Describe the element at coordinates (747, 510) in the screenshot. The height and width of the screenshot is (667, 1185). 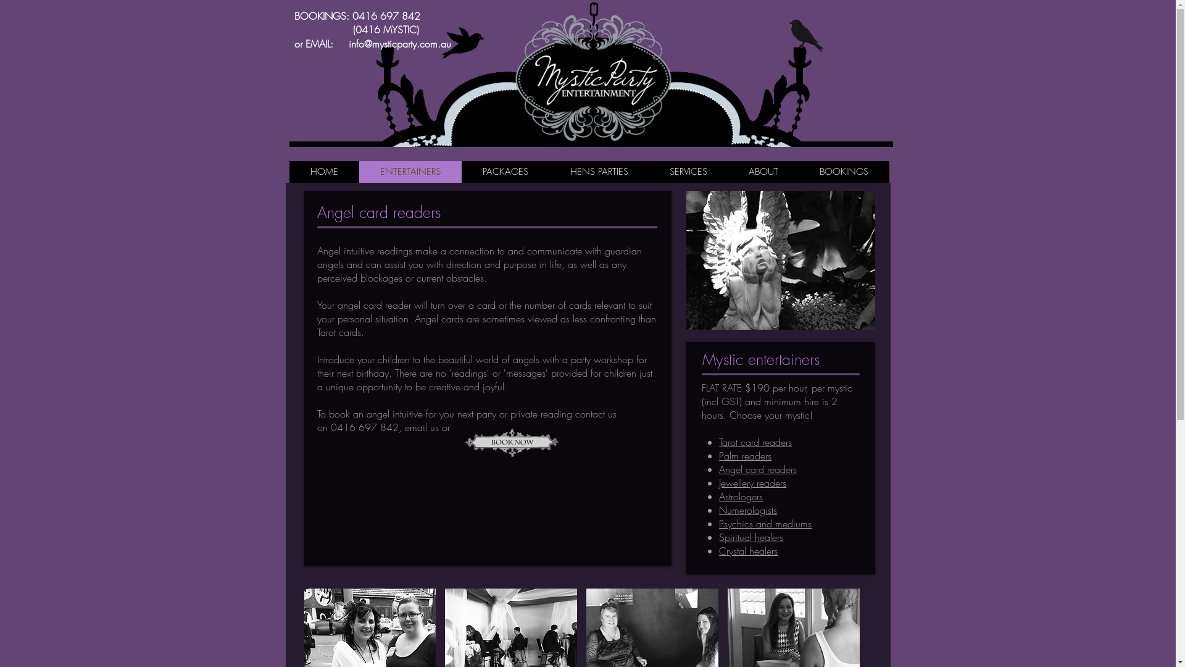
I see `'Numerologists'` at that location.